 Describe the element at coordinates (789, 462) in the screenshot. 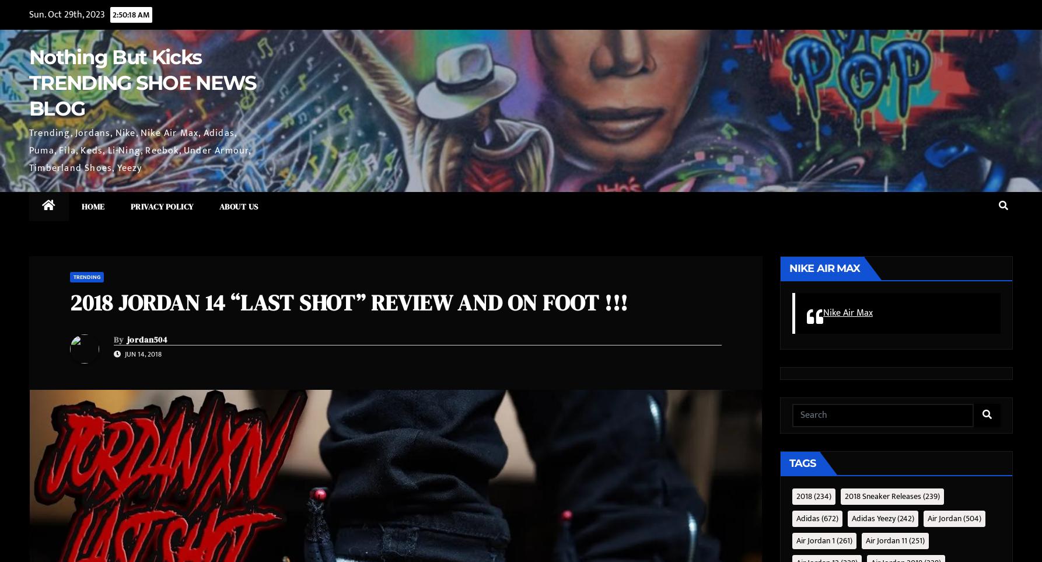

I see `'Tags'` at that location.